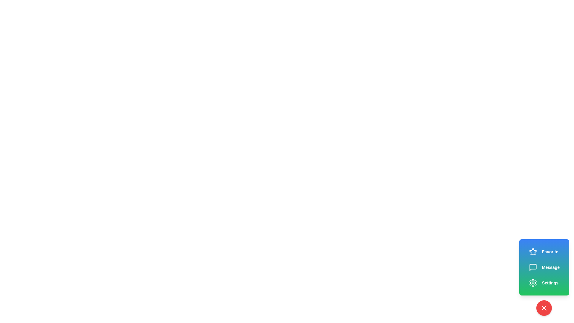 Image resolution: width=574 pixels, height=323 pixels. Describe the element at coordinates (544, 267) in the screenshot. I see `the 'Message' action button` at that location.